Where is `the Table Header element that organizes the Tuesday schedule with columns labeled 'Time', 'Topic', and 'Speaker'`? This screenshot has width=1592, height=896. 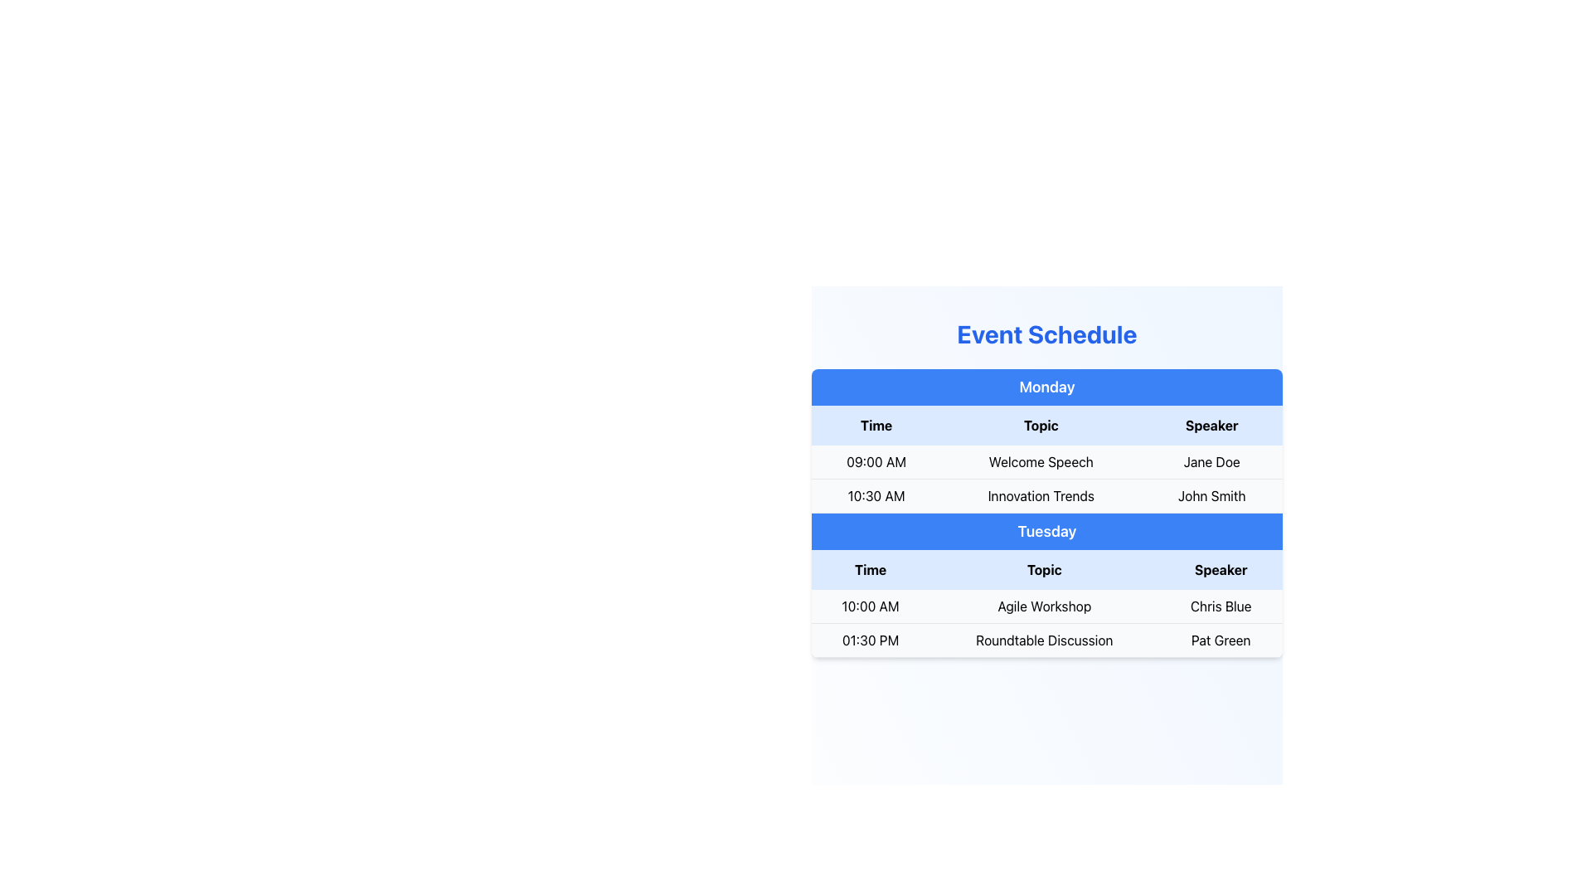
the Table Header element that organizes the Tuesday schedule with columns labeled 'Time', 'Topic', and 'Speaker' is located at coordinates (1046, 568).